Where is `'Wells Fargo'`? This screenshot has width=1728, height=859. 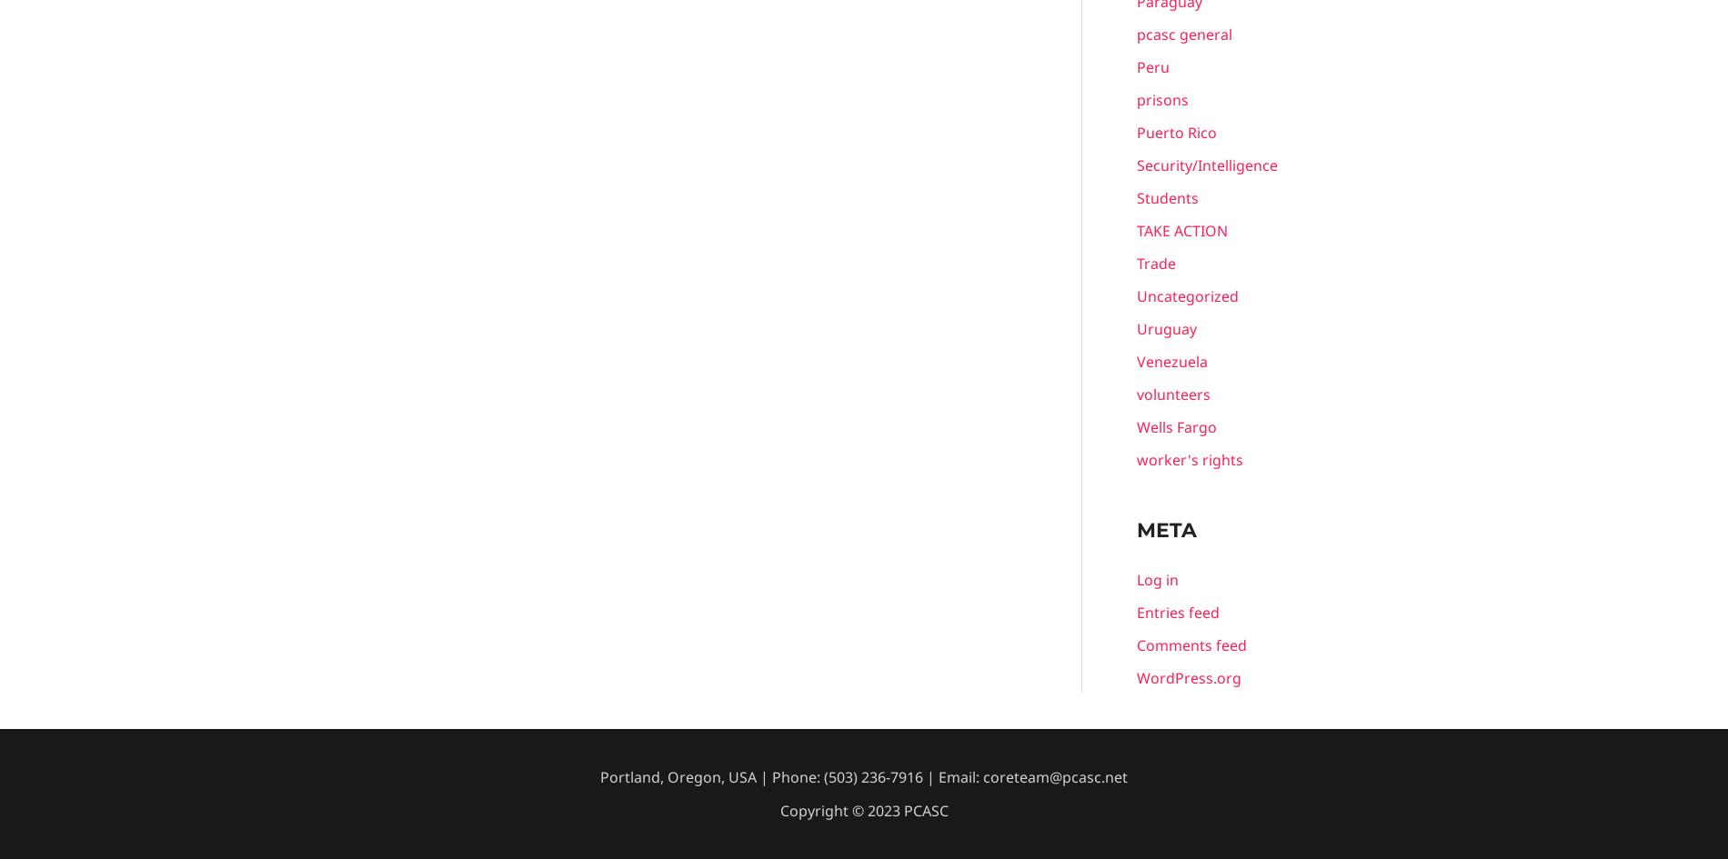 'Wells Fargo' is located at coordinates (1176, 427).